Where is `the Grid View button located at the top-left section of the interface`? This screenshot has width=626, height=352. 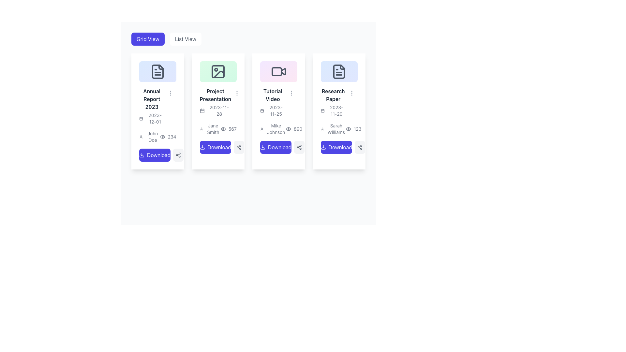
the Grid View button located at the top-left section of the interface is located at coordinates (147, 39).